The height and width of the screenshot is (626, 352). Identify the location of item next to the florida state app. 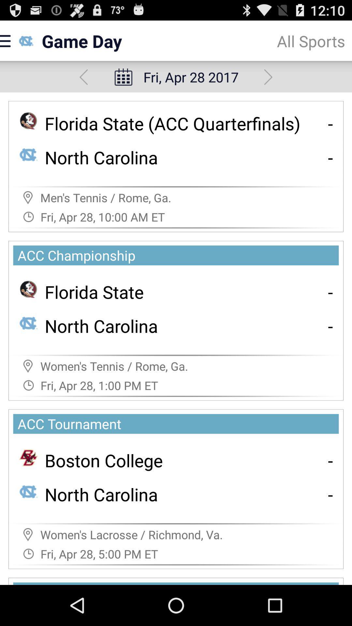
(330, 291).